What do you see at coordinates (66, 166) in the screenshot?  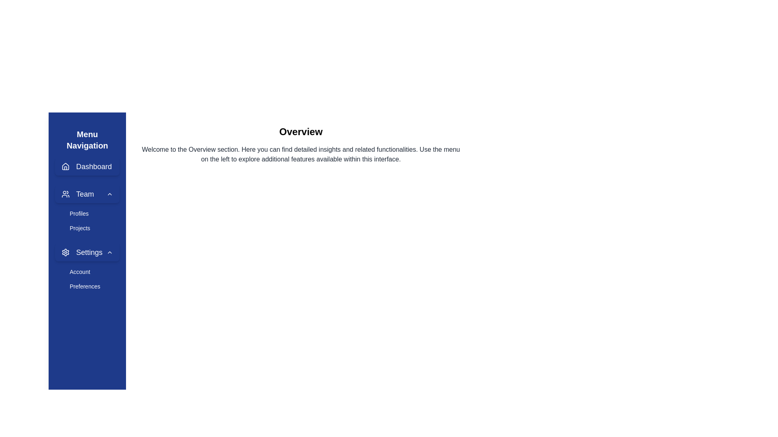 I see `the 'Dashboard' icon in the left navigation menu through keyboard navigation` at bounding box center [66, 166].